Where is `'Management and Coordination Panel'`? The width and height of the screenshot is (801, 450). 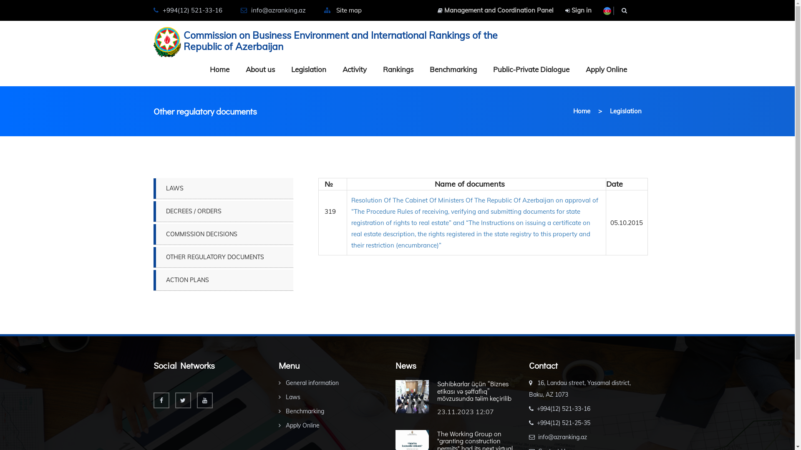 'Management and Coordination Panel' is located at coordinates (495, 10).